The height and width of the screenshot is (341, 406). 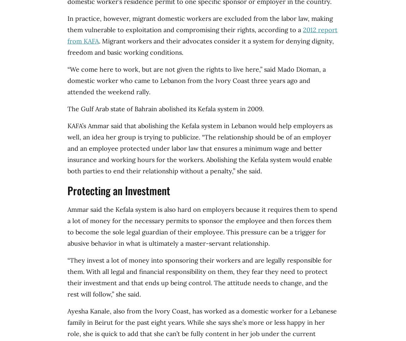 I want to click on 'KAFA’s Ammar said that abolishing the Kefala system in Lebanon would help employers as well, an idea her group is trying to publicize. “The relationship should be of an employer and an employee protected under labor law that ensures a minimum wage and better insurance and working hours for the workers. Abolishing the Kefala system would enable both parties to end their relationship without a penalty,” she said.', so click(x=200, y=148).